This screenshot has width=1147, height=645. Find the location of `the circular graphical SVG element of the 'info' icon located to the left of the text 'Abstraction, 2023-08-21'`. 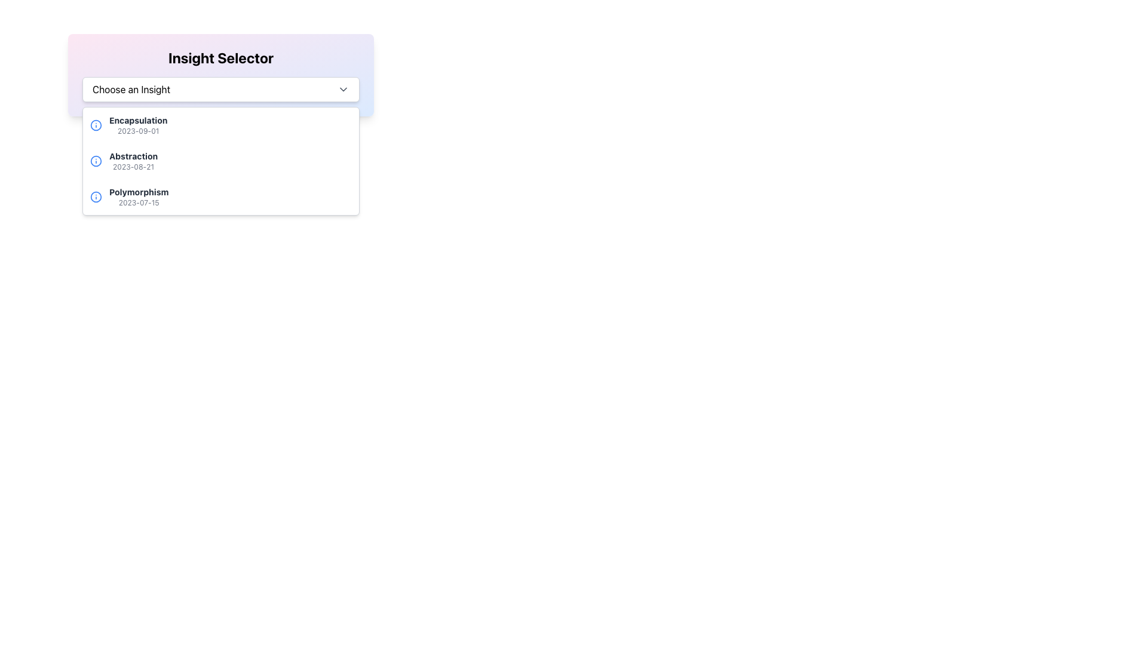

the circular graphical SVG element of the 'info' icon located to the left of the text 'Abstraction, 2023-08-21' is located at coordinates (96, 125).